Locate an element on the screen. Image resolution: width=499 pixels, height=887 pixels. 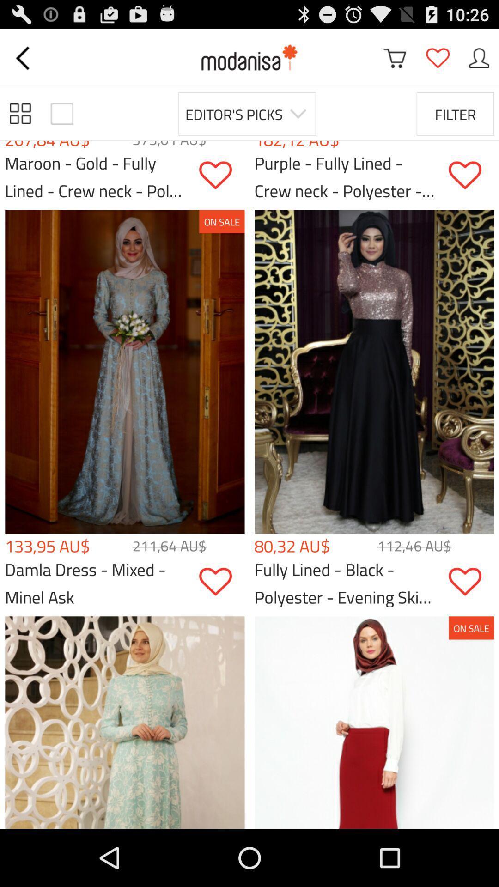
favorite is located at coordinates (221, 175).